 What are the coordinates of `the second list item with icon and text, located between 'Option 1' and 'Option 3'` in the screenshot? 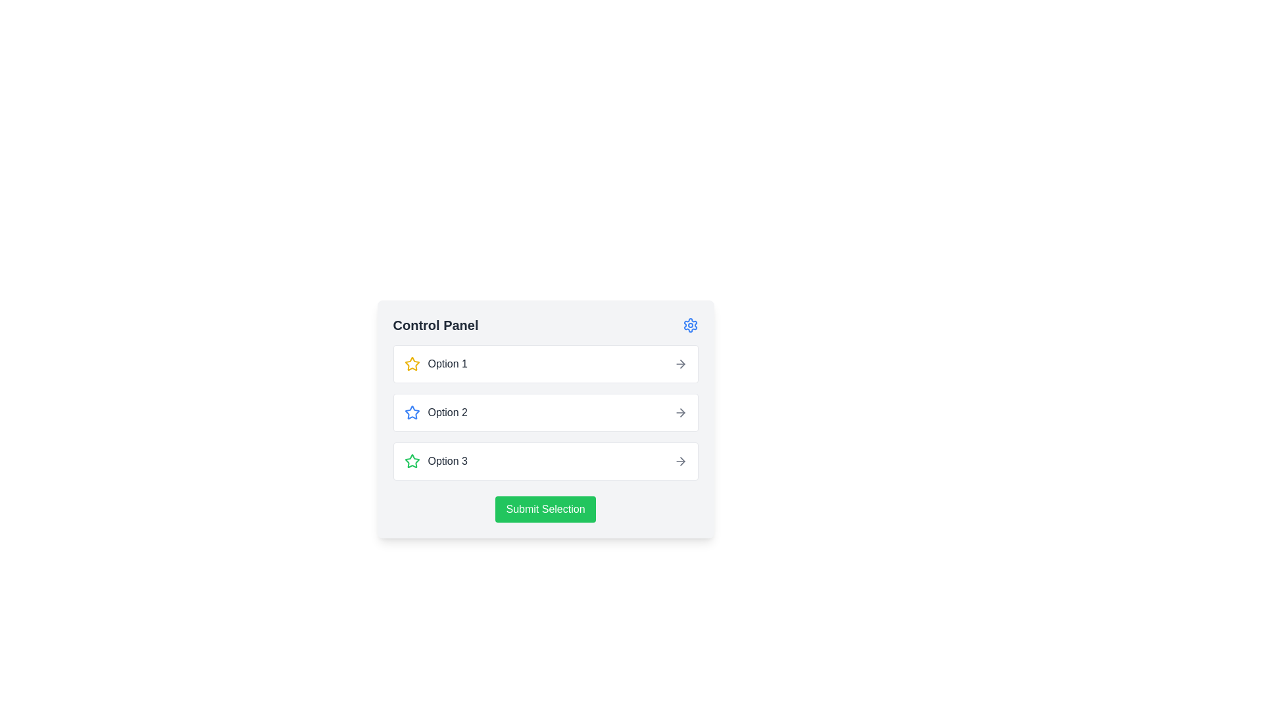 It's located at (435, 412).